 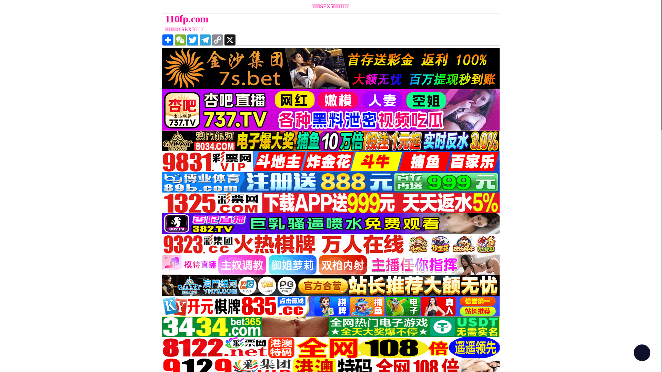 I want to click on 'Telegram', so click(x=205, y=40).